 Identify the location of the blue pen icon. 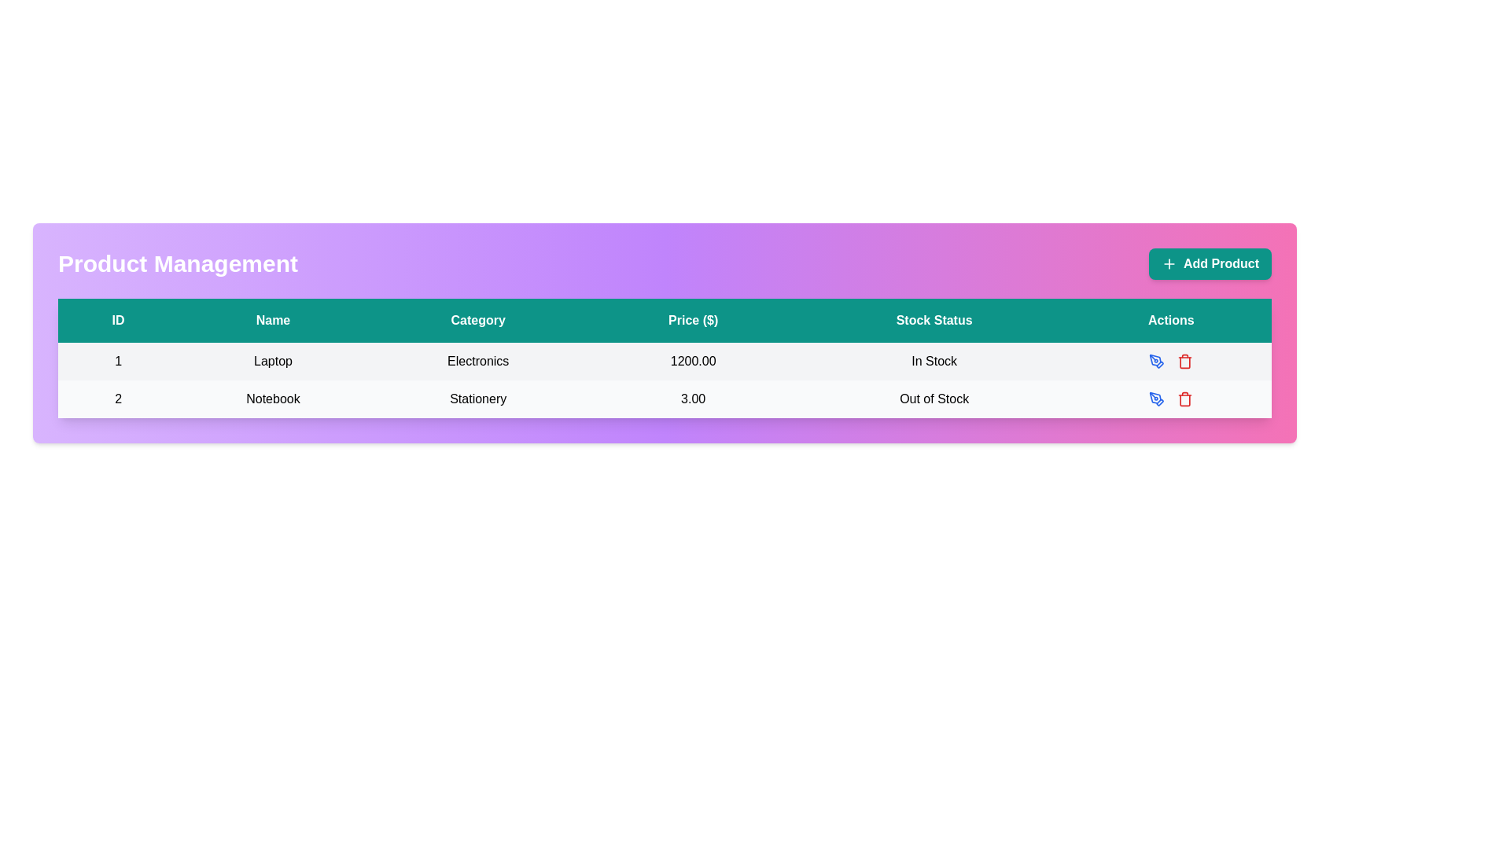
(1157, 399).